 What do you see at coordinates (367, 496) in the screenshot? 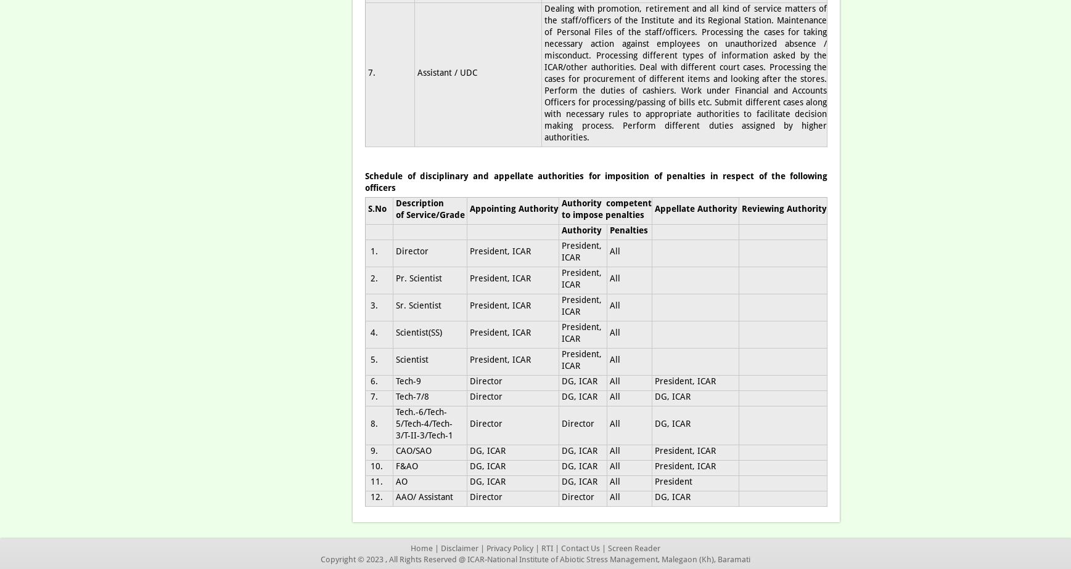
I see `'12.'` at bounding box center [367, 496].